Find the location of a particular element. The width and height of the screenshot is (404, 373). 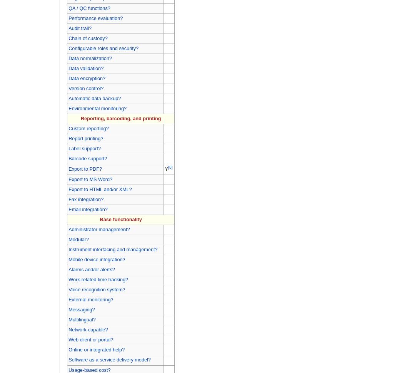

'Instrument interfacing and management?' is located at coordinates (112, 249).